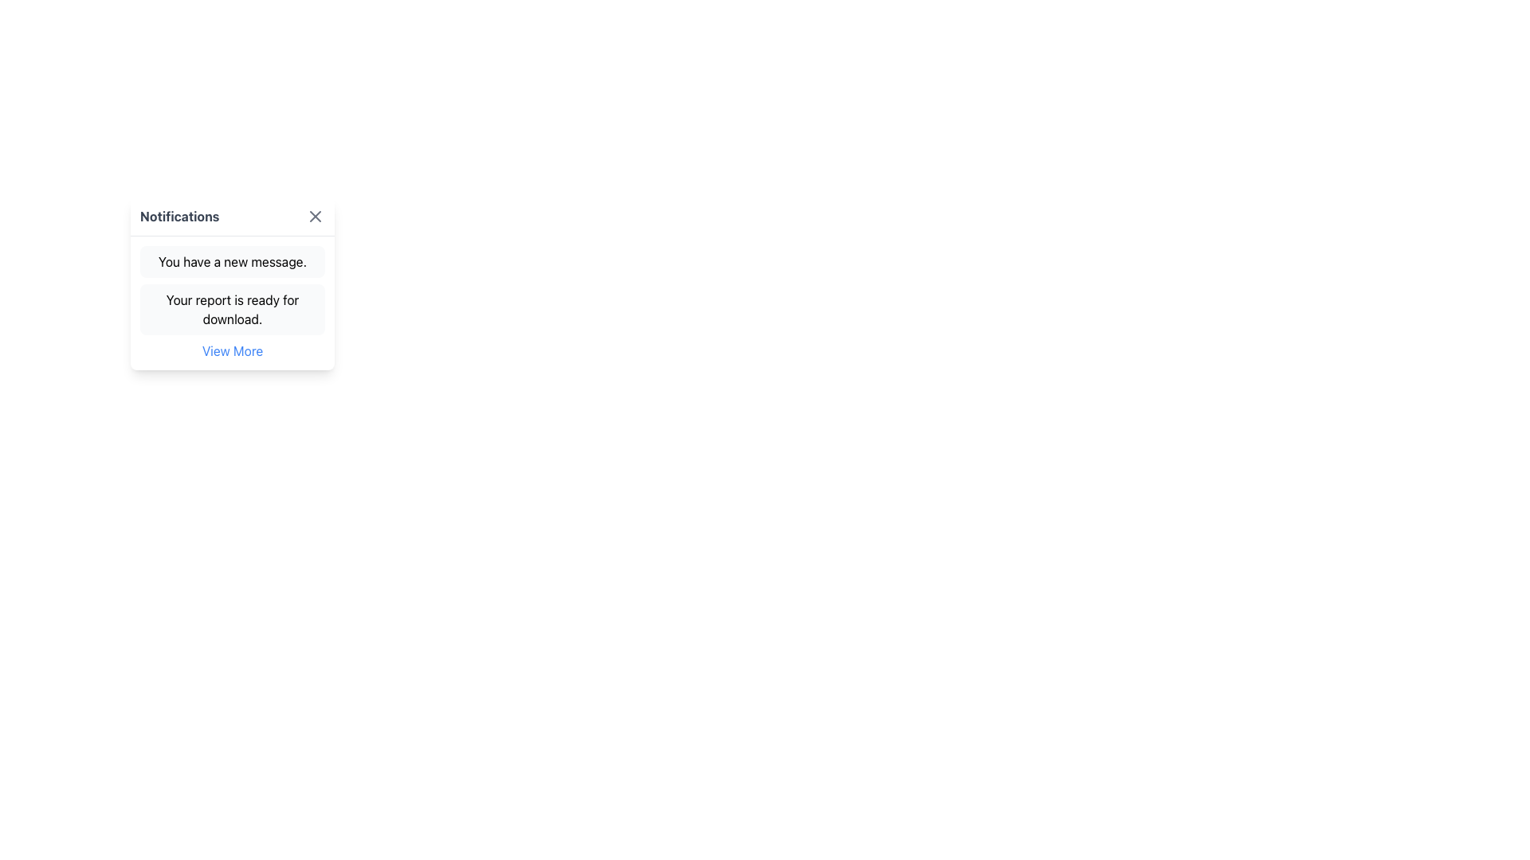 The image size is (1530, 860). Describe the element at coordinates (315, 217) in the screenshot. I see `the 'X' icon button, which is styled in gray and located at the top right corner of the notification popup` at that location.